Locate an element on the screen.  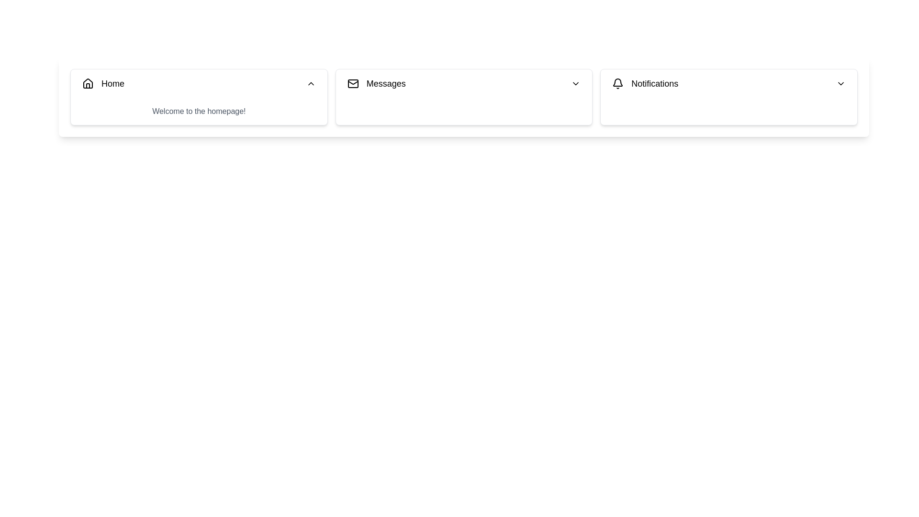
the Dropdown Menu Button located between 'Home' and 'Notifications' is located at coordinates (464, 83).